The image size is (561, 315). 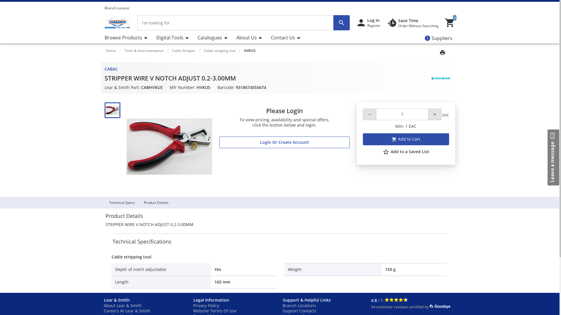 What do you see at coordinates (126, 310) in the screenshot?
I see `'Careers At Lear & Smith'` at bounding box center [126, 310].